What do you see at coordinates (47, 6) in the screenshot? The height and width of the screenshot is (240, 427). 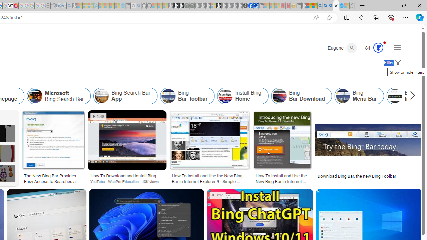 I see `'Settings - Sleeping'` at bounding box center [47, 6].